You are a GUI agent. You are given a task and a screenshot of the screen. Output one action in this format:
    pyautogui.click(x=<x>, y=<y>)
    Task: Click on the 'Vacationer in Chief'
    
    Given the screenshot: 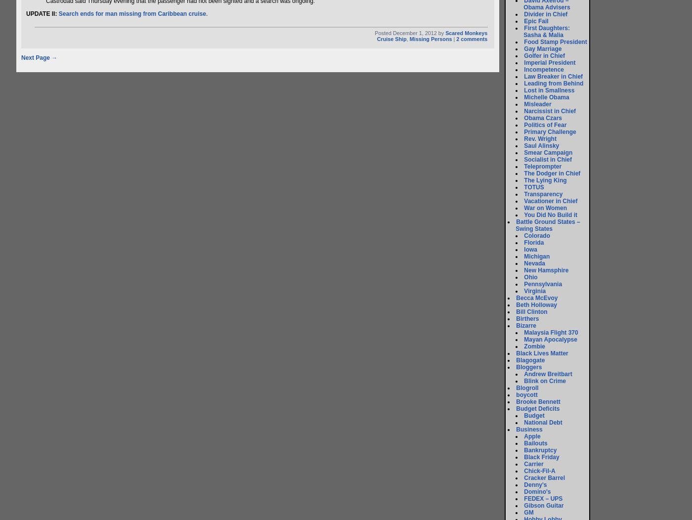 What is the action you would take?
    pyautogui.click(x=550, y=201)
    